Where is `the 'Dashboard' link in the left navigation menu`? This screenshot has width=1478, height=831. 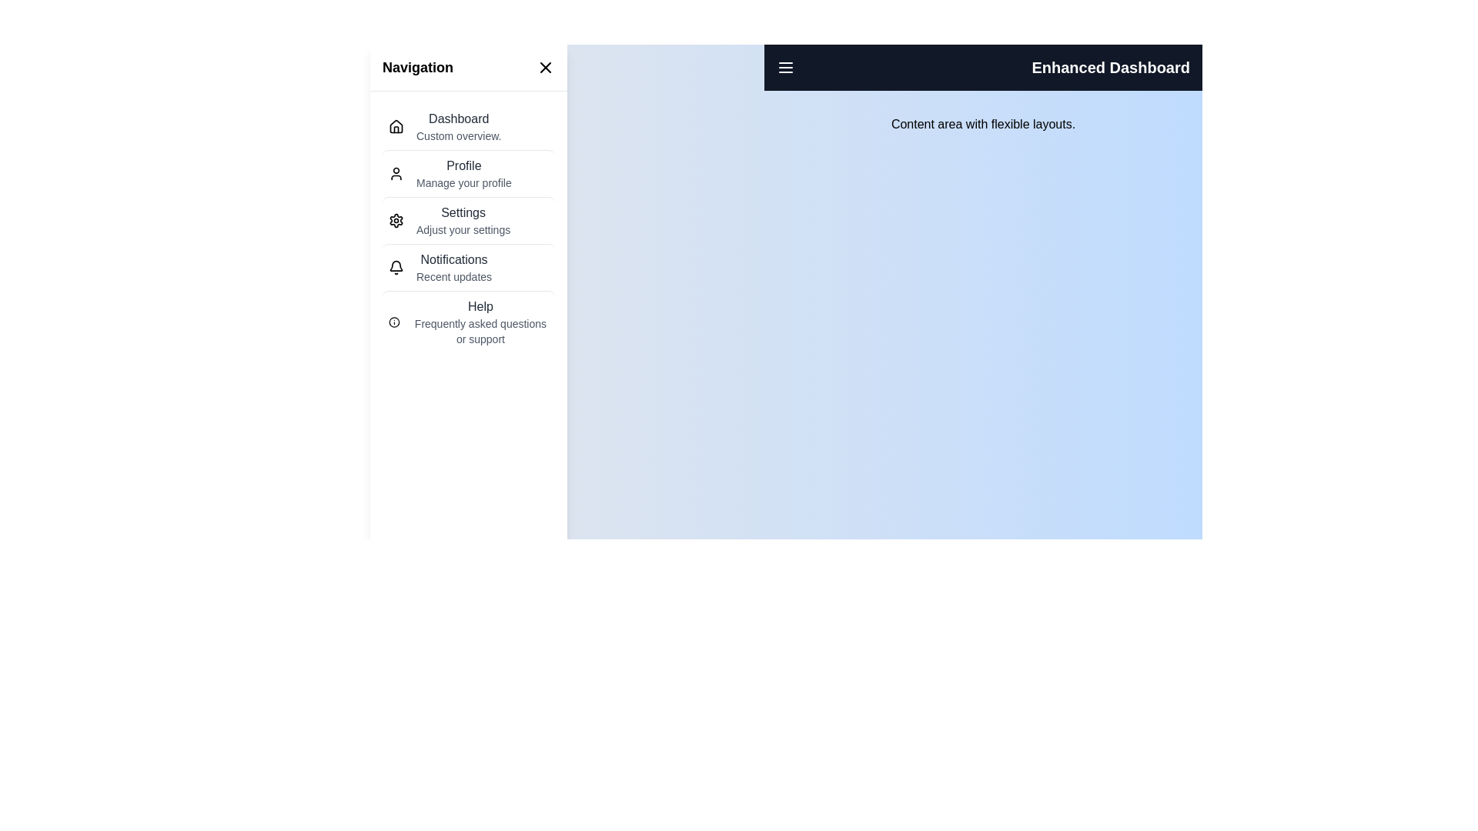 the 'Dashboard' link in the left navigation menu is located at coordinates (458, 126).